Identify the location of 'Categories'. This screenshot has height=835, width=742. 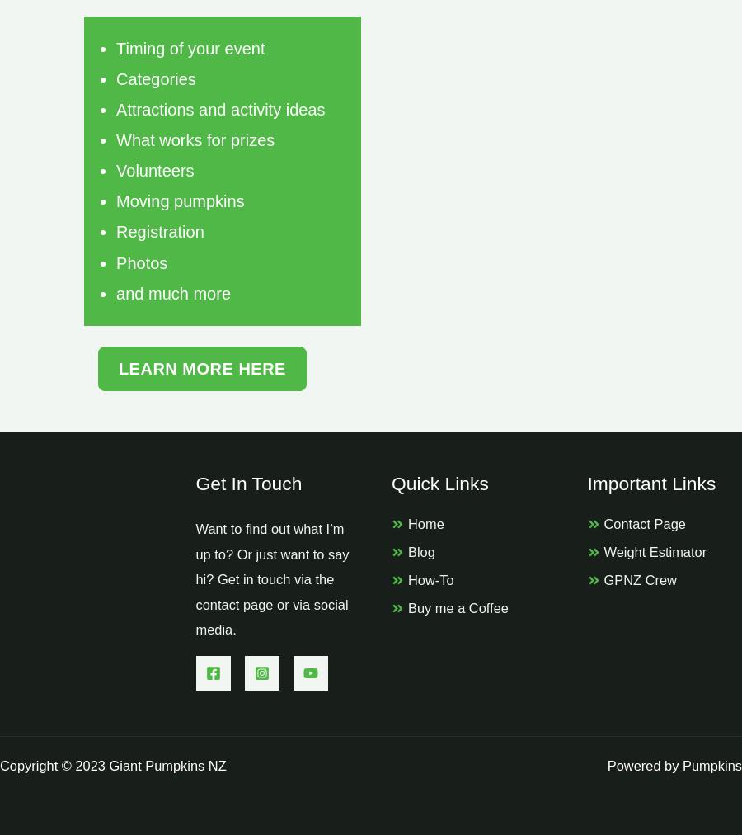
(116, 78).